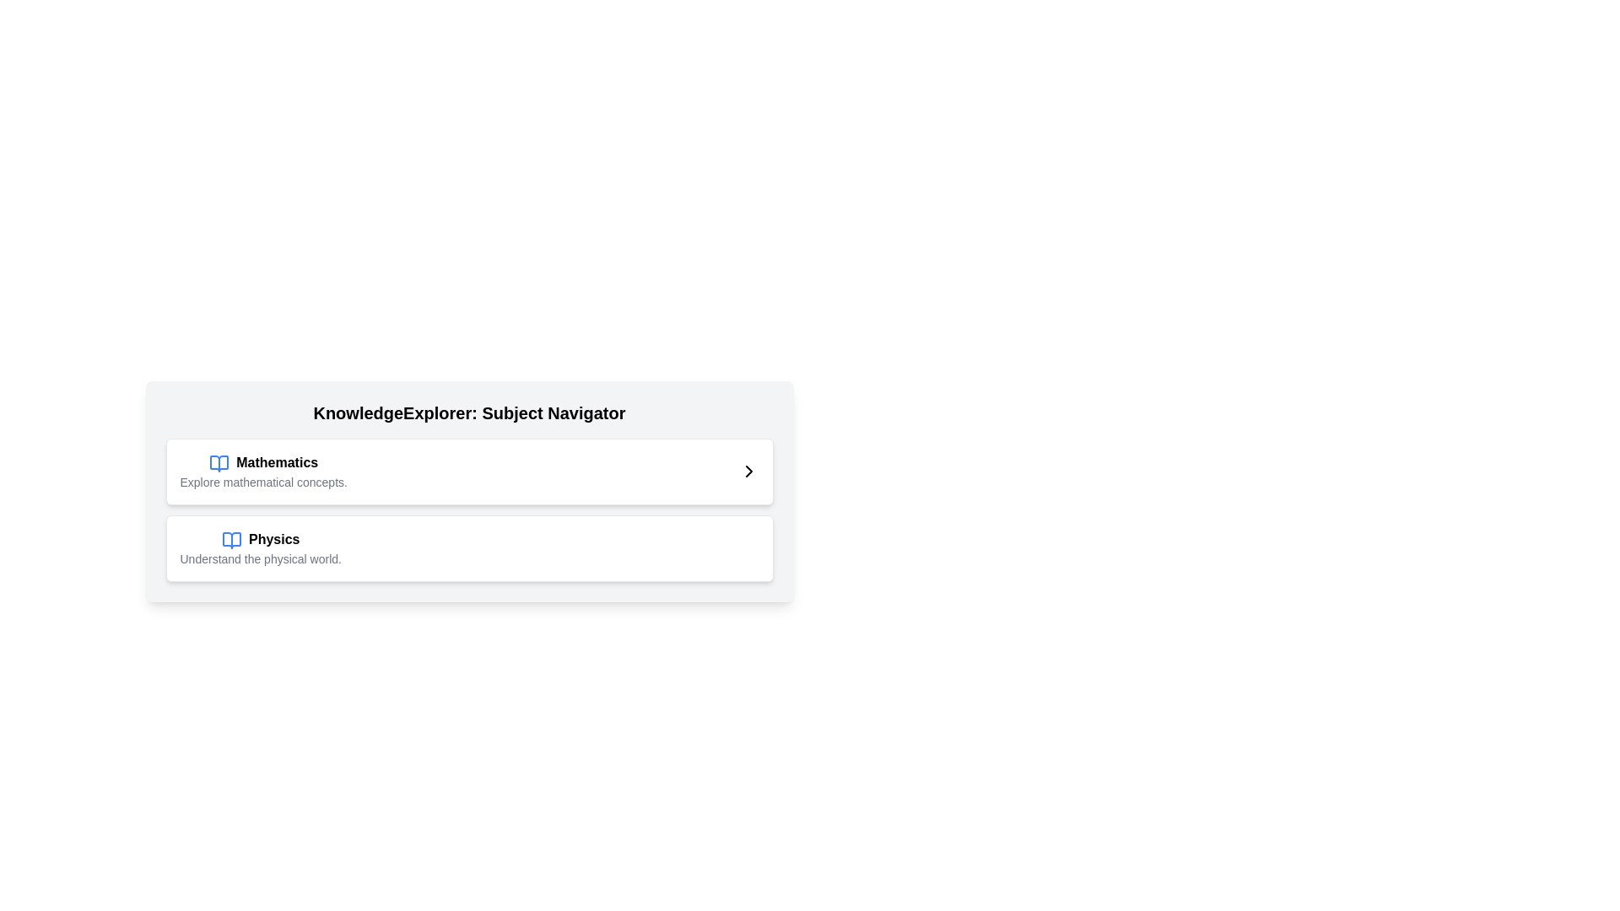 This screenshot has height=911, width=1620. What do you see at coordinates (260, 548) in the screenshot?
I see `the list item titled 'Physics' which includes a blue open book icon and a description 'Understand the physical world.'` at bounding box center [260, 548].